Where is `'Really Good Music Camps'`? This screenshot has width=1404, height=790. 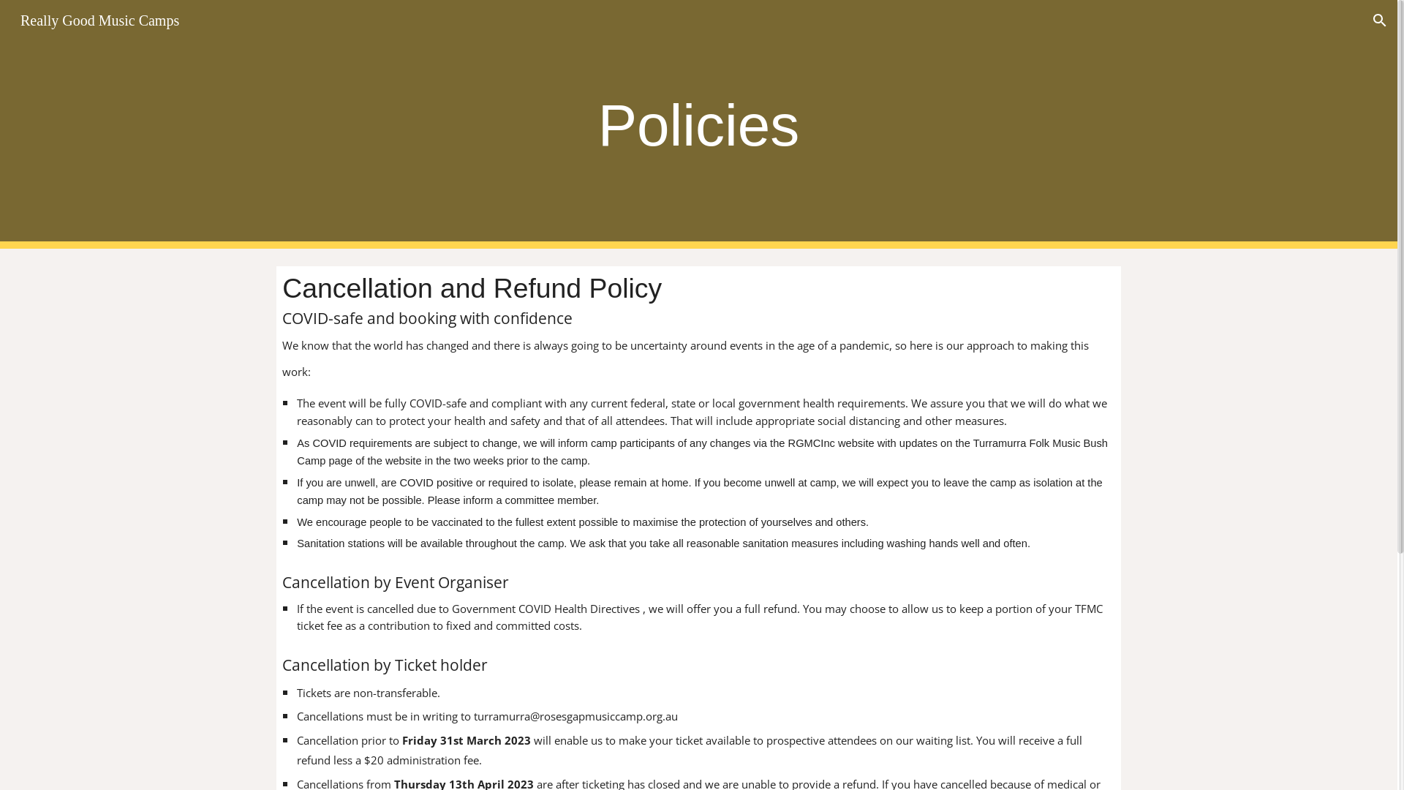
'Really Good Music Camps' is located at coordinates (99, 19).